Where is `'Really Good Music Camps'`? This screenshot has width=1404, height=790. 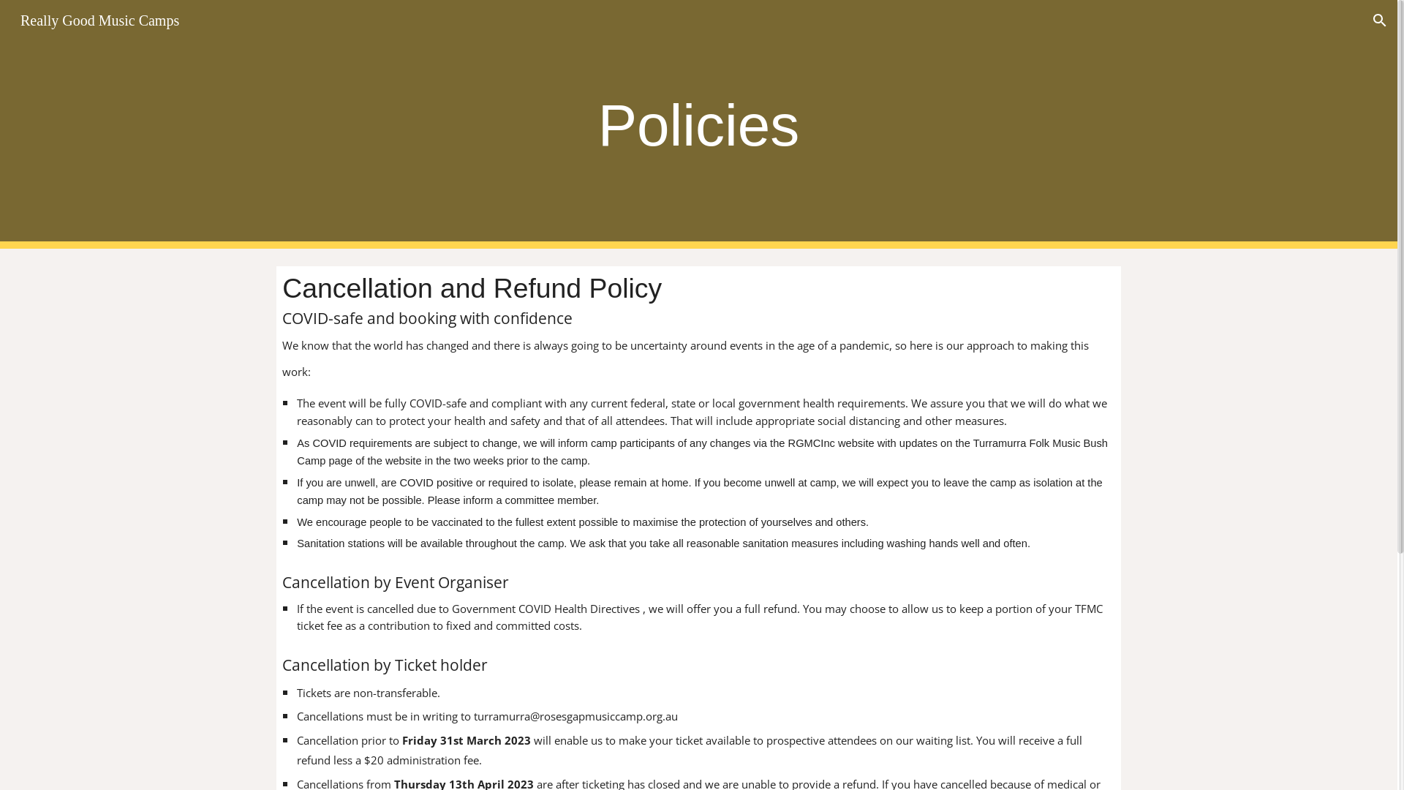
'Really Good Music Camps' is located at coordinates (99, 19).